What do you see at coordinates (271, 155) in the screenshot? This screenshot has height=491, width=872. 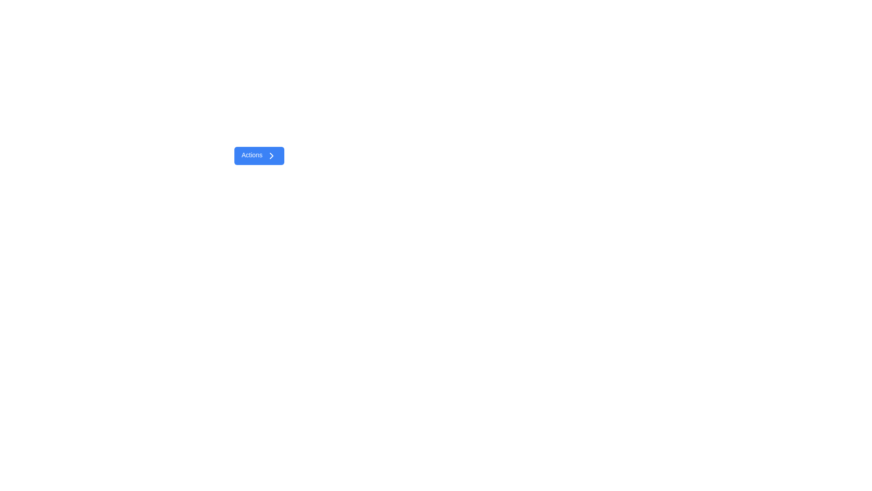 I see `the forward/expand icon located within the 'Actions' button component, which is positioned adjacent to the text label 'Actions'` at bounding box center [271, 155].